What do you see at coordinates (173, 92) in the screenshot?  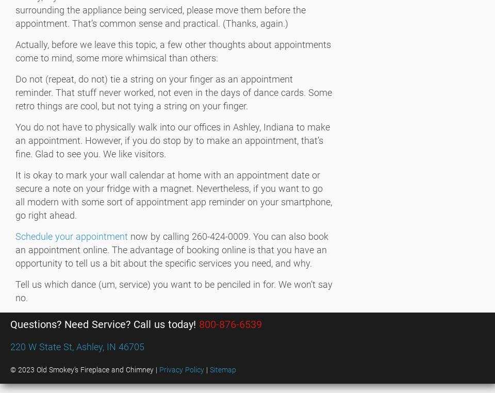 I see `'Do not (repeat, do not) tie a string on your finger as an appointment reminder. That stuff never worked, not even in the days of dance cards. Some retro things are cool, but not tying a string on your finger.'` at bounding box center [173, 92].